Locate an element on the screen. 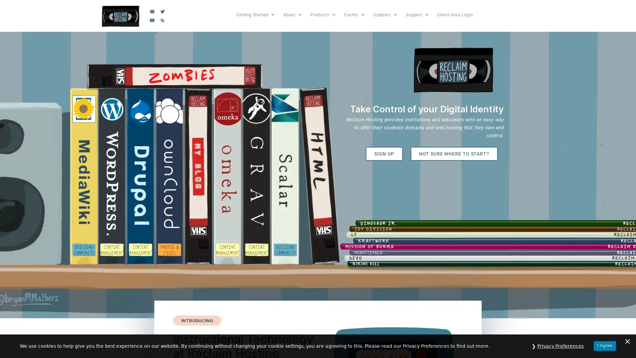  SIGN UP is located at coordinates (383, 153).